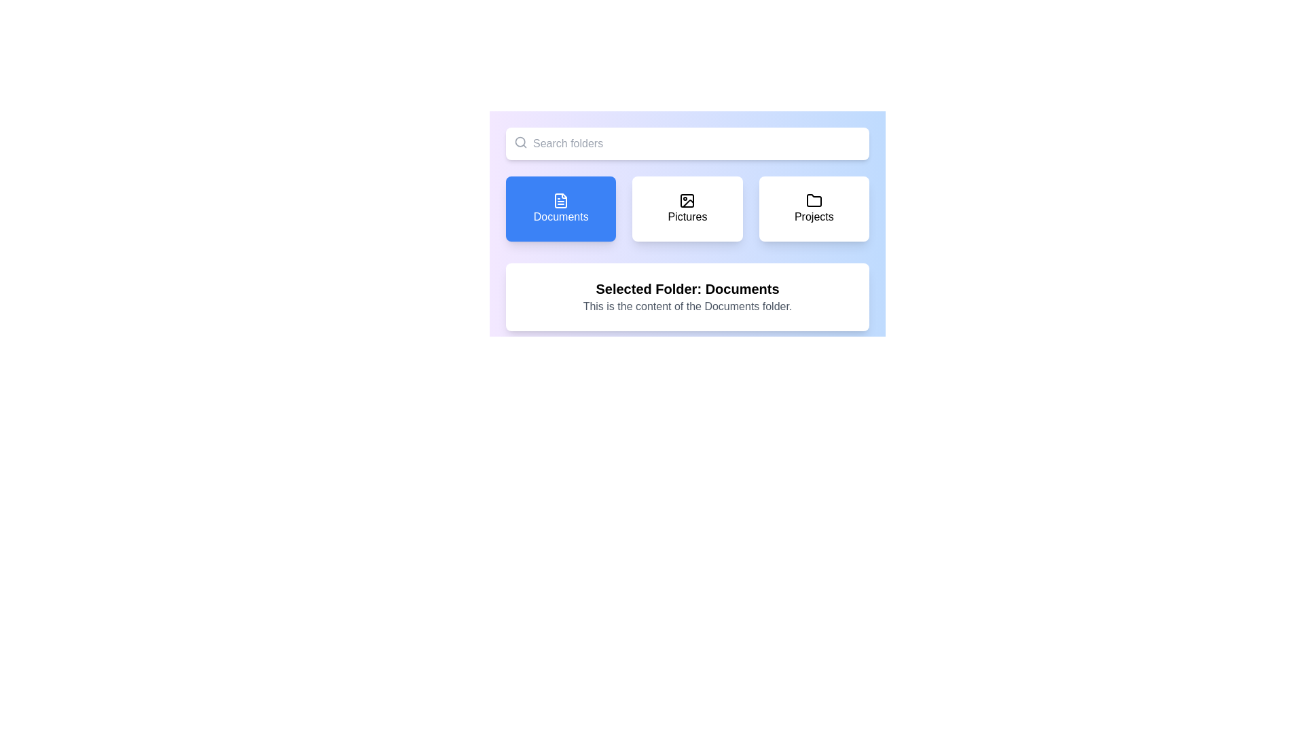  I want to click on the 'Pictures' category button icon, which is the second button in a row of three, visually representing access to pictures, so click(687, 201).